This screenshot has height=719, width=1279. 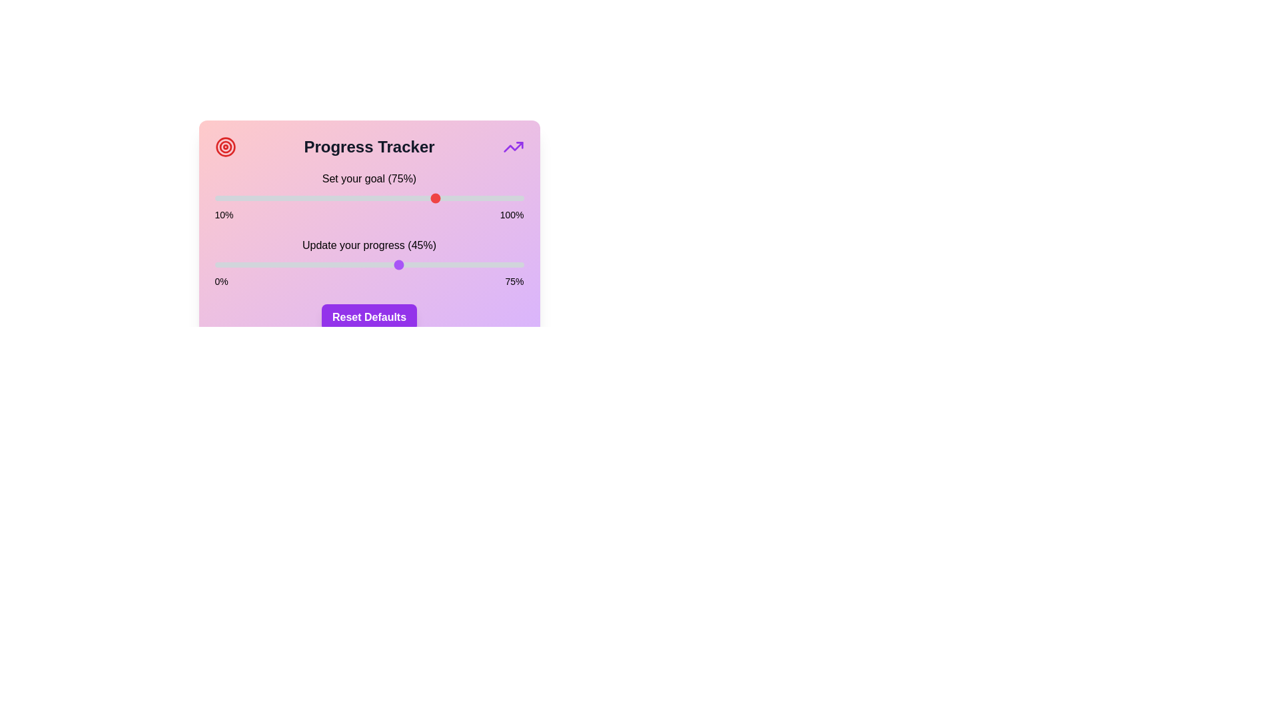 I want to click on the 'Update your progress' slider to set the progress to 11%, so click(x=260, y=264).